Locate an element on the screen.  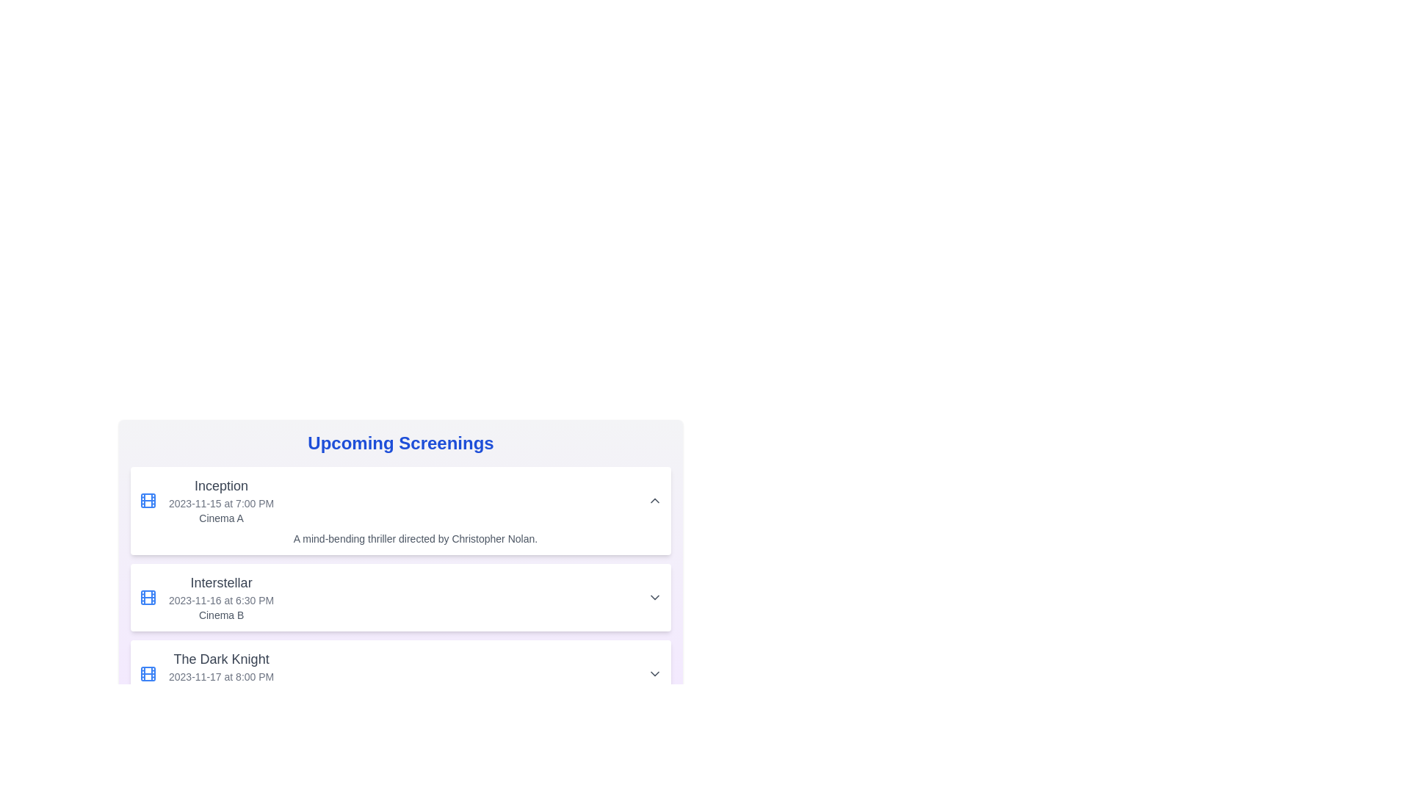
the static text displaying the scheduled movie screening date and time for 'The Dark Knight', which is located below the title and above 'Cinema C' is located at coordinates (220, 676).